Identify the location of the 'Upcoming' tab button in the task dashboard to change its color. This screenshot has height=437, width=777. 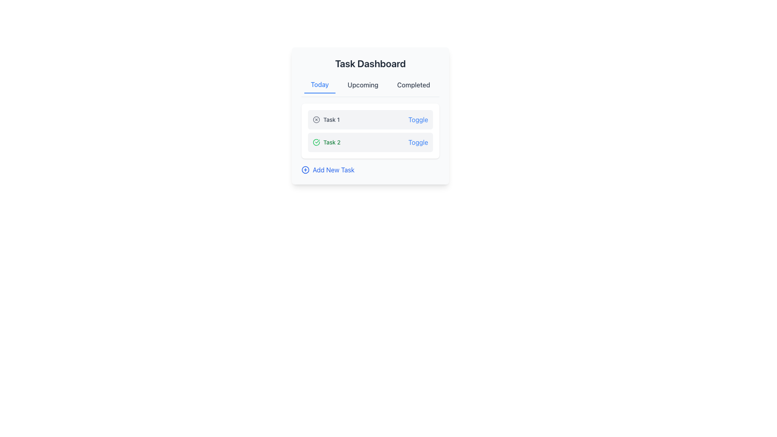
(363, 85).